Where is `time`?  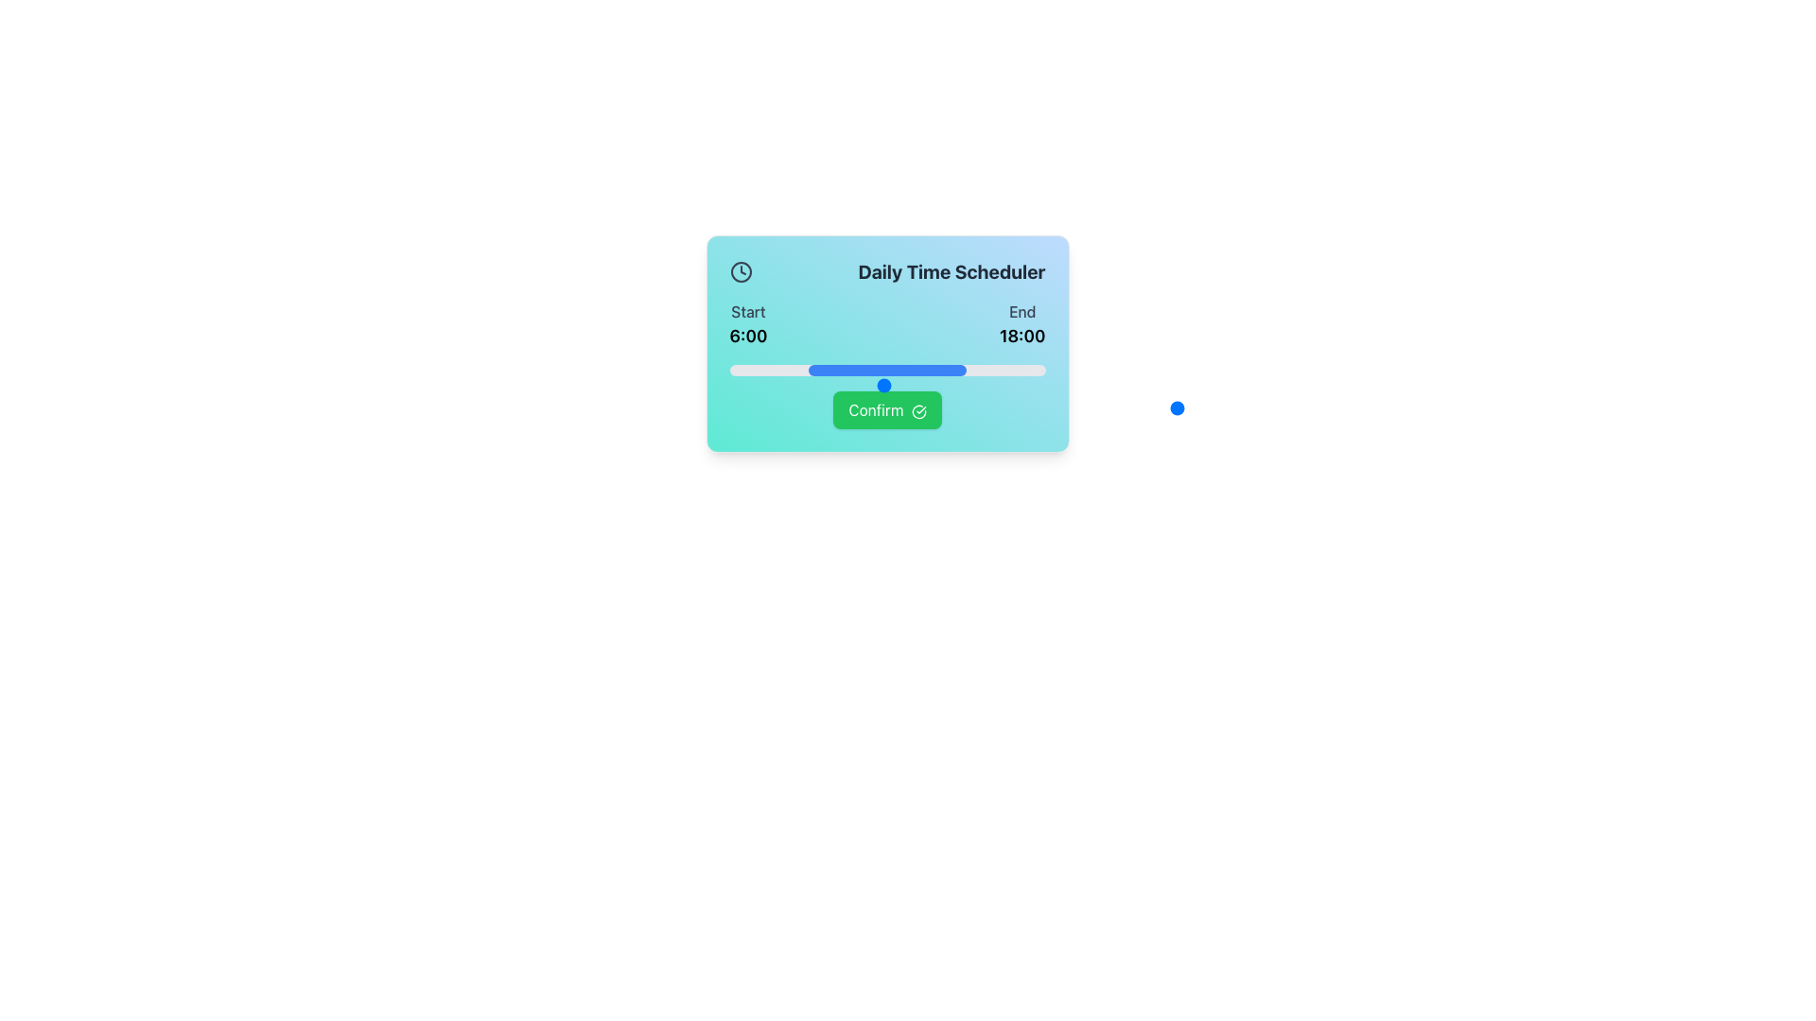 time is located at coordinates (728, 407).